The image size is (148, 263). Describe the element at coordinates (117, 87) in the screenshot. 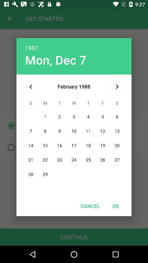

I see `the icon at the top right corner` at that location.